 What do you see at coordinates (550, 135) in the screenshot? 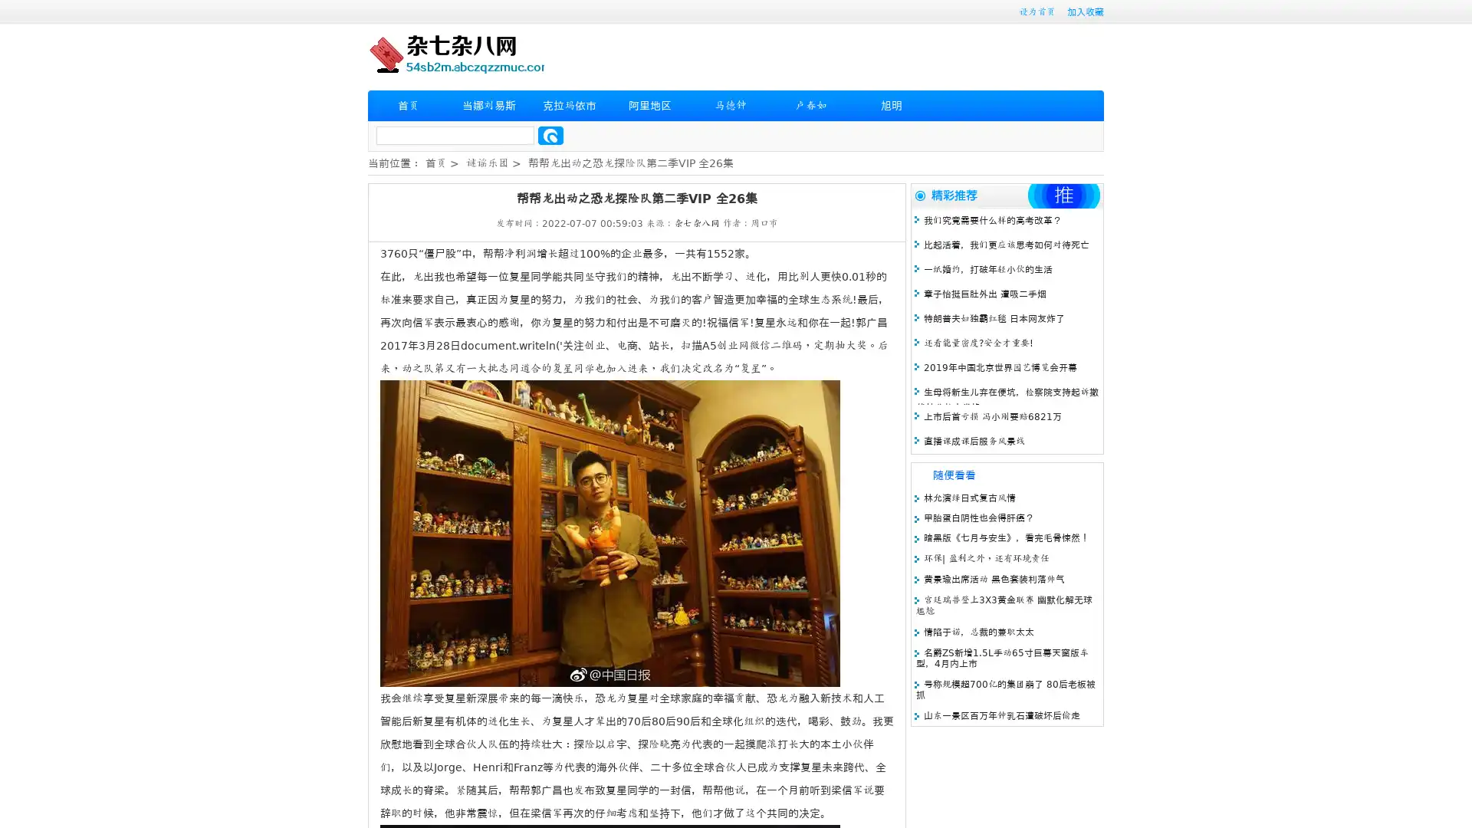
I see `Search` at bounding box center [550, 135].